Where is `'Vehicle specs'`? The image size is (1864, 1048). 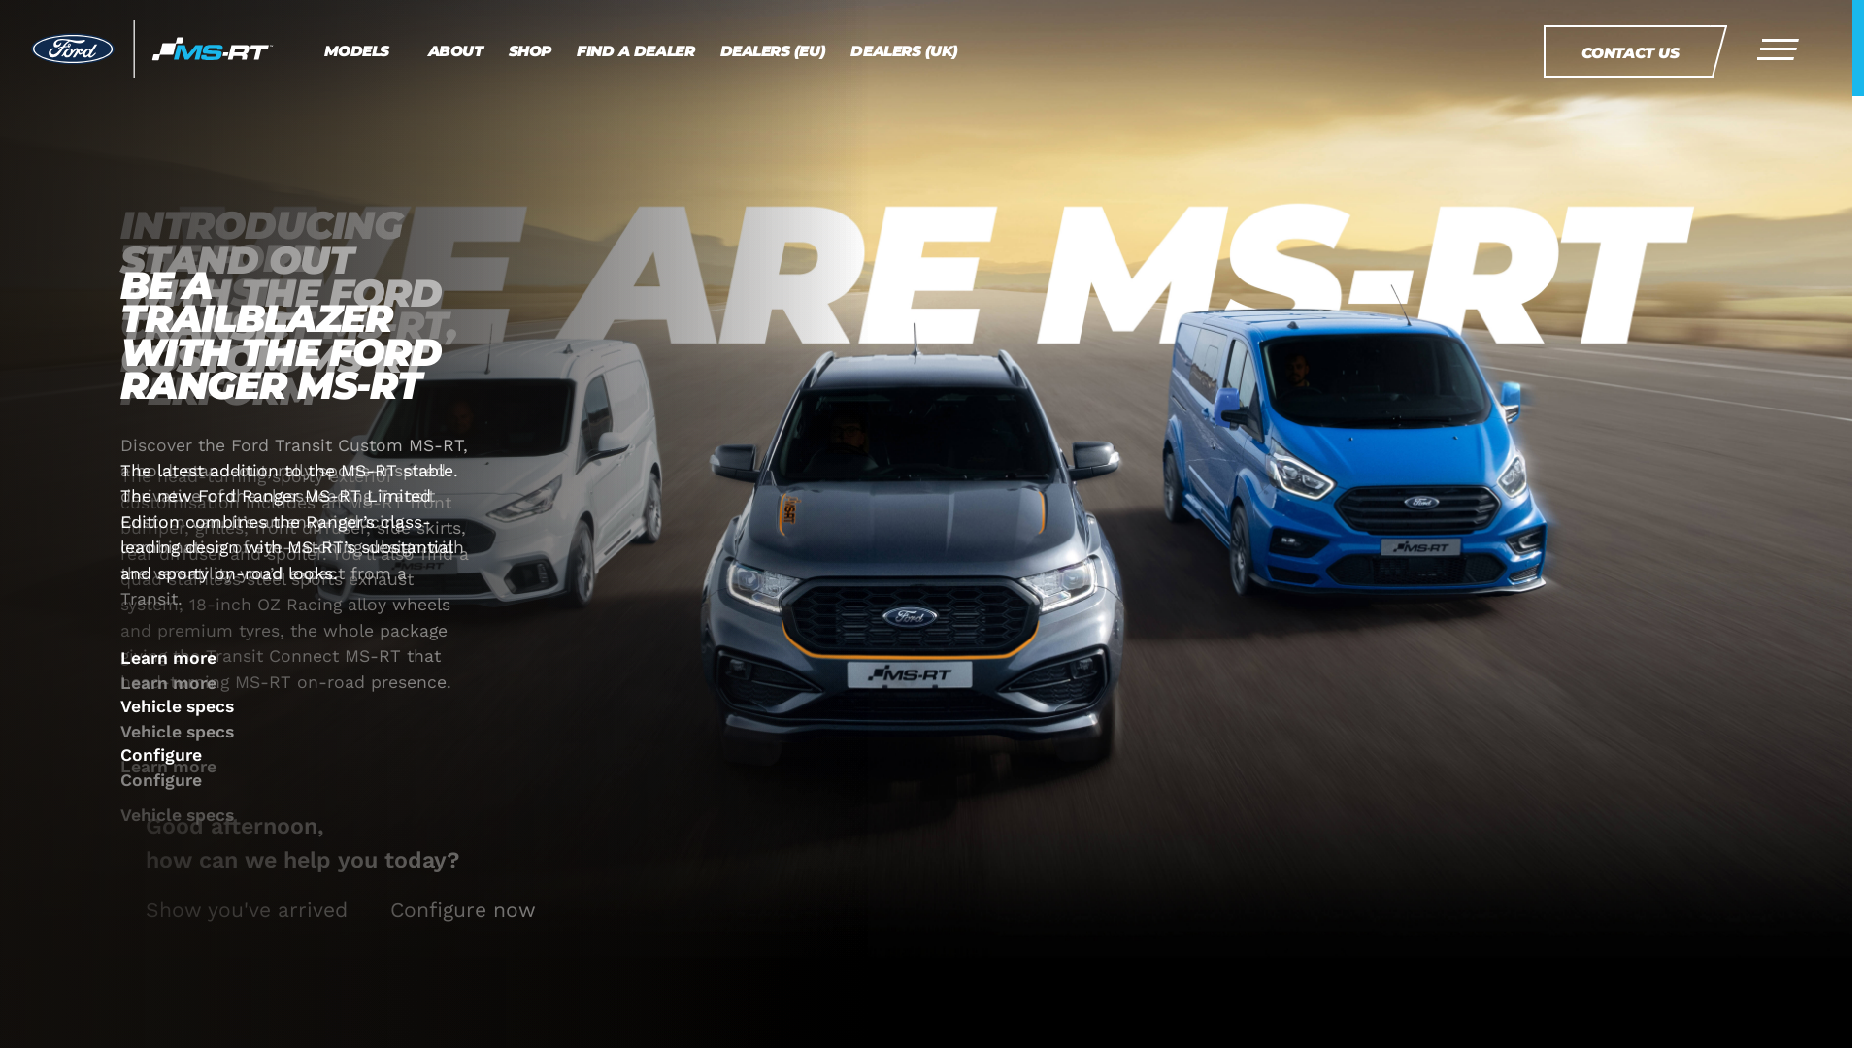 'Vehicle specs' is located at coordinates (177, 731).